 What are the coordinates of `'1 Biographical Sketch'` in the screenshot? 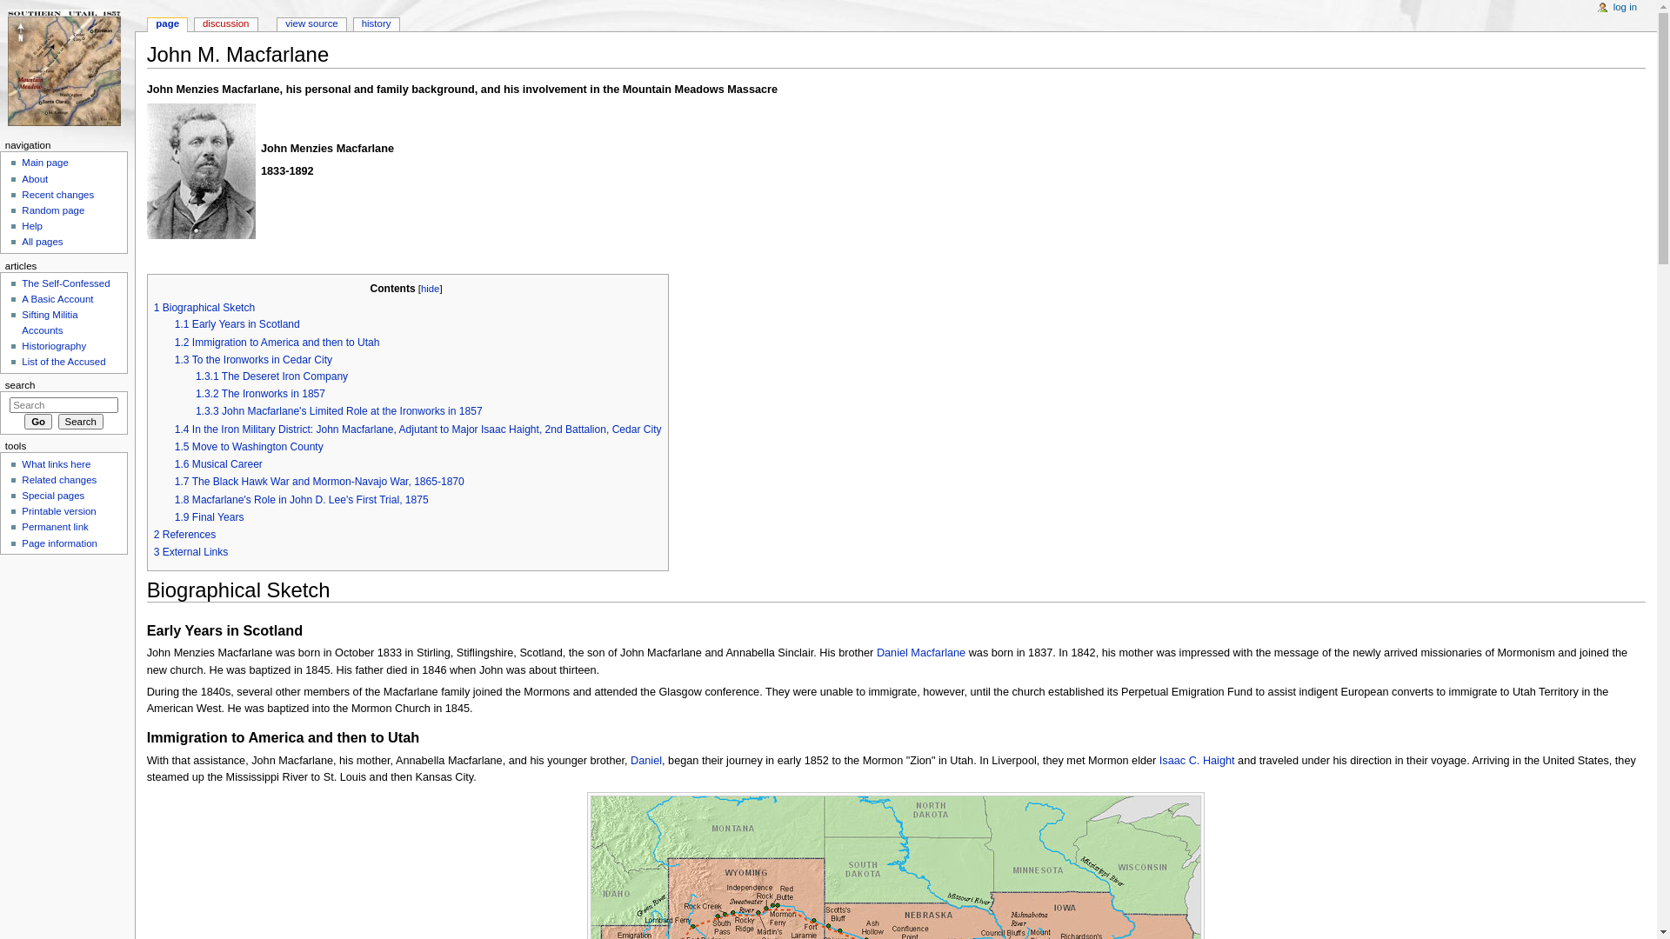 It's located at (204, 307).